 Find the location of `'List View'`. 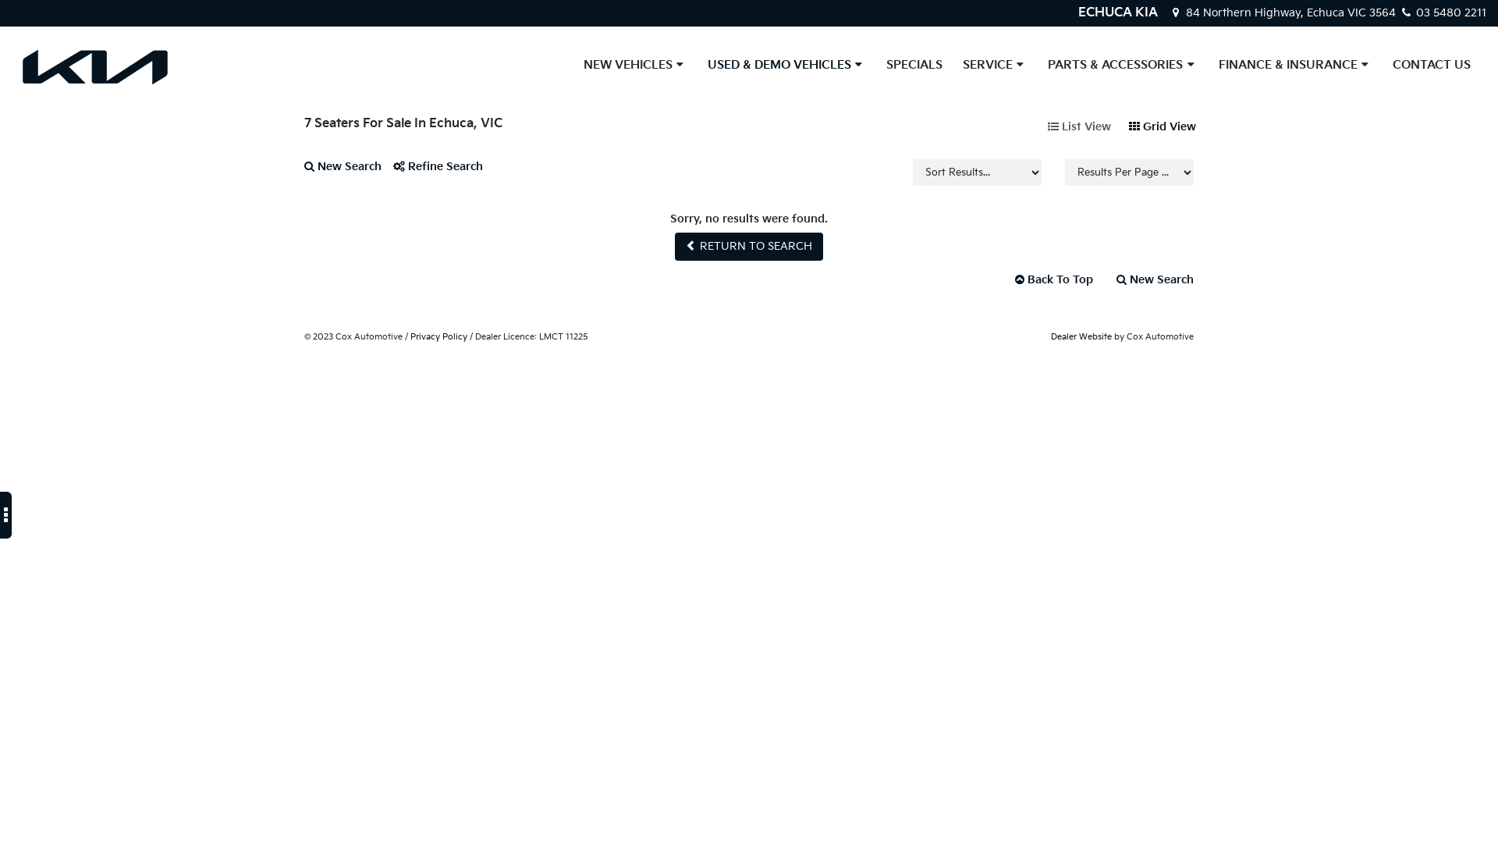

'List View' is located at coordinates (1078, 126).